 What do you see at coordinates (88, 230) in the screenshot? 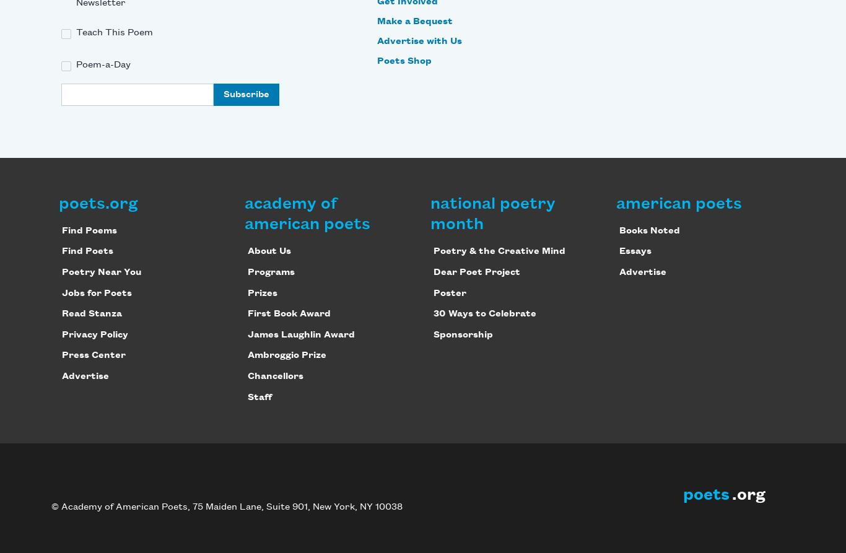
I see `'Find Poems'` at bounding box center [88, 230].